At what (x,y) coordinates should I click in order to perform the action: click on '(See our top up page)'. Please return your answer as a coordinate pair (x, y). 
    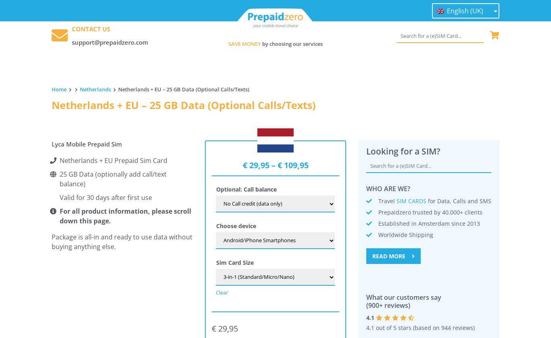
    Looking at the image, I should click on (80, 256).